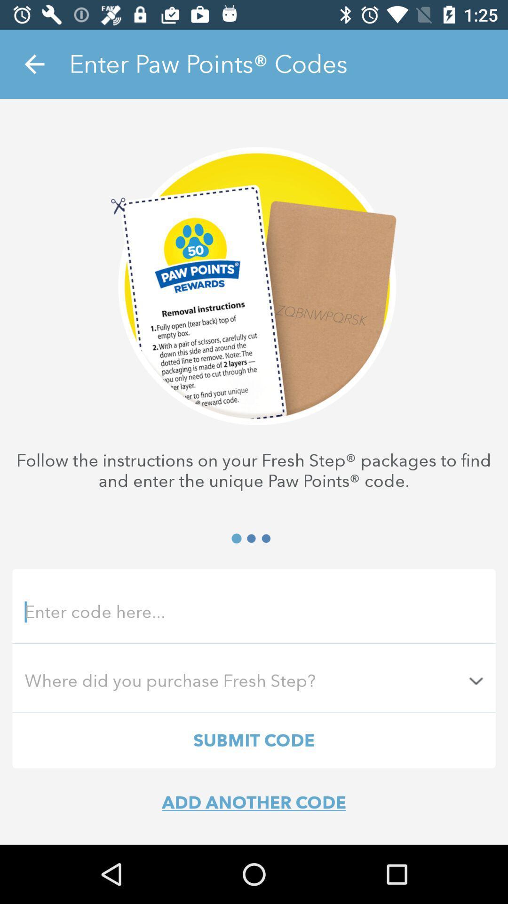  Describe the element at coordinates (34, 64) in the screenshot. I see `icon to the left of enter paw points` at that location.